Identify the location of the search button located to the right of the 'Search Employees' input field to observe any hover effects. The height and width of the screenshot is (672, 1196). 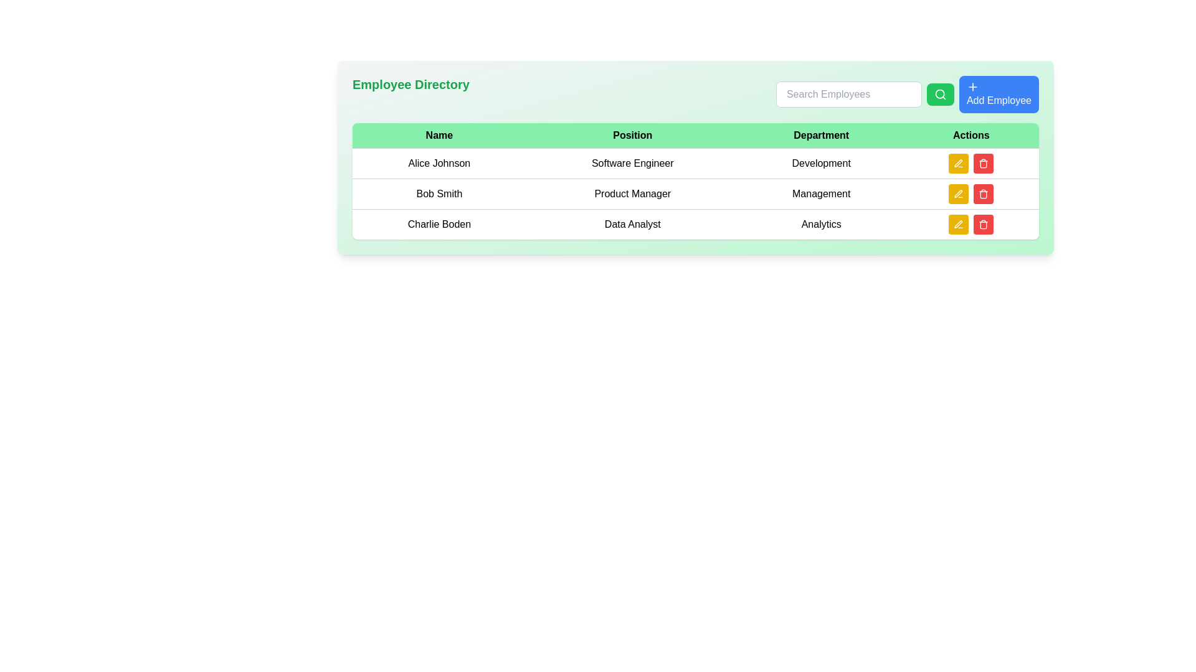
(940, 93).